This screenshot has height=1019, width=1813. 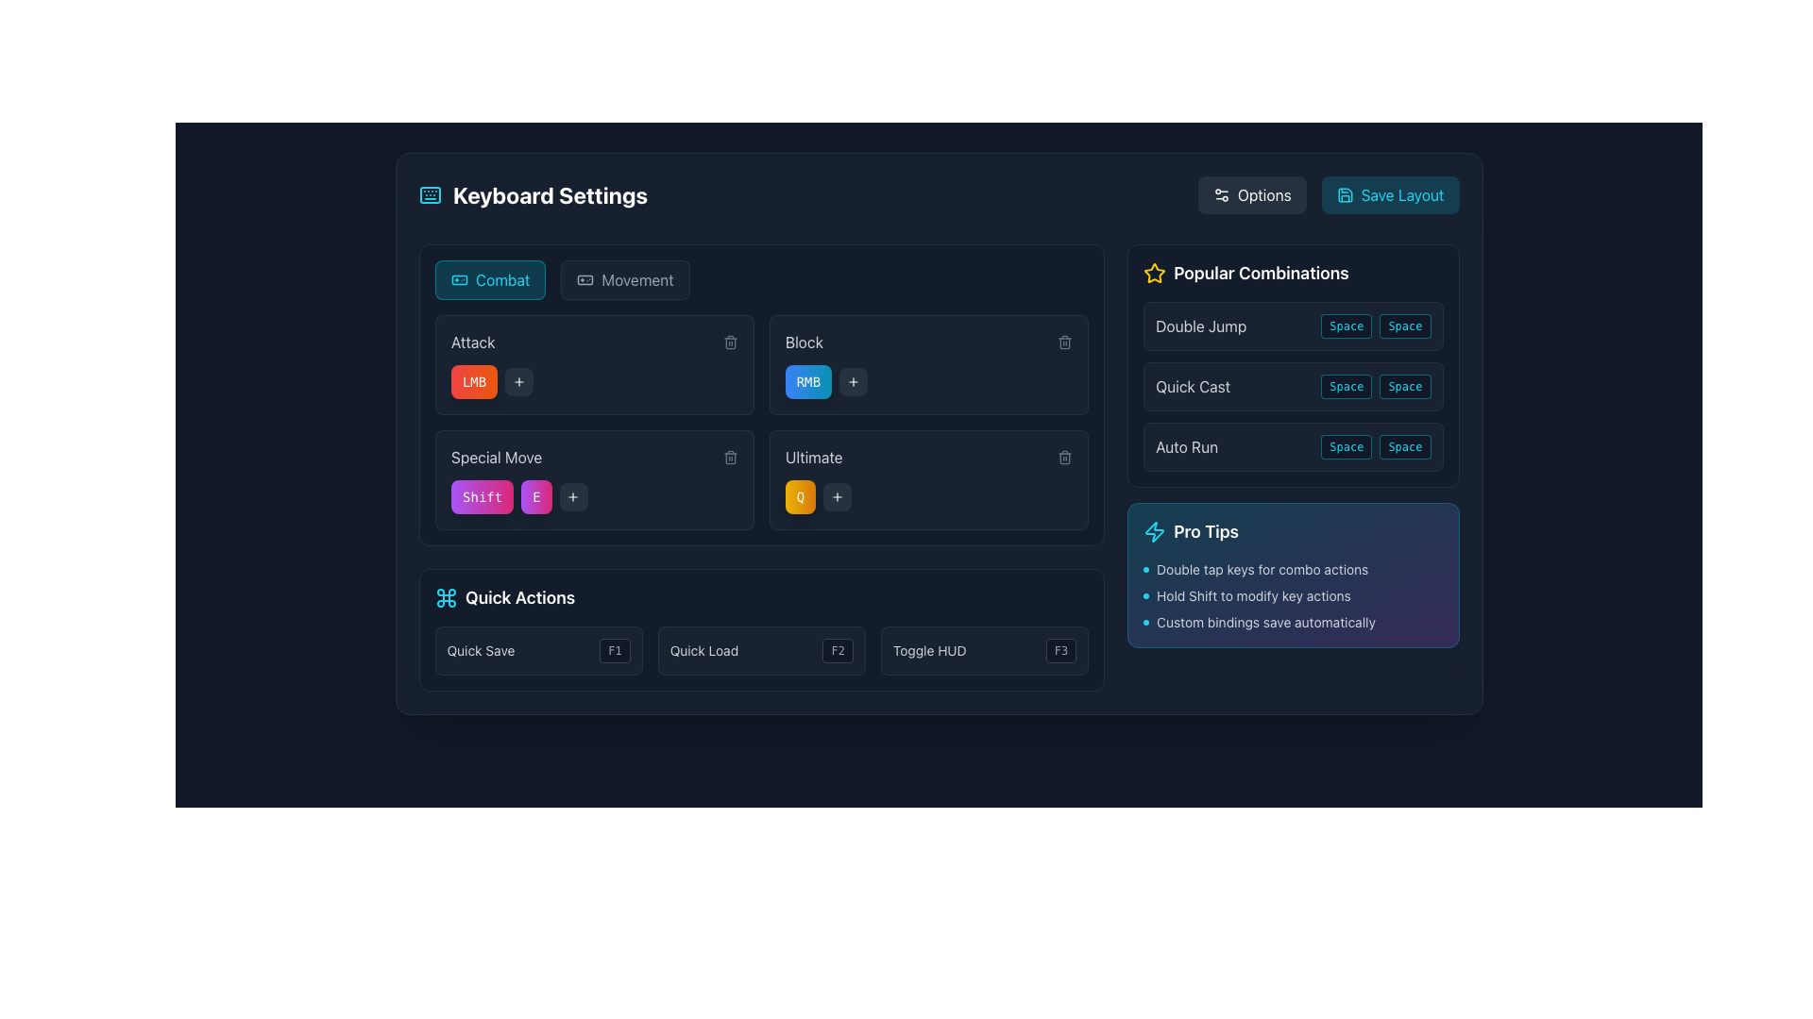 What do you see at coordinates (1154, 273) in the screenshot?
I see `the star icon located in the 'Popular Combinations' section, positioned near the top-left corner of the right side panel` at bounding box center [1154, 273].